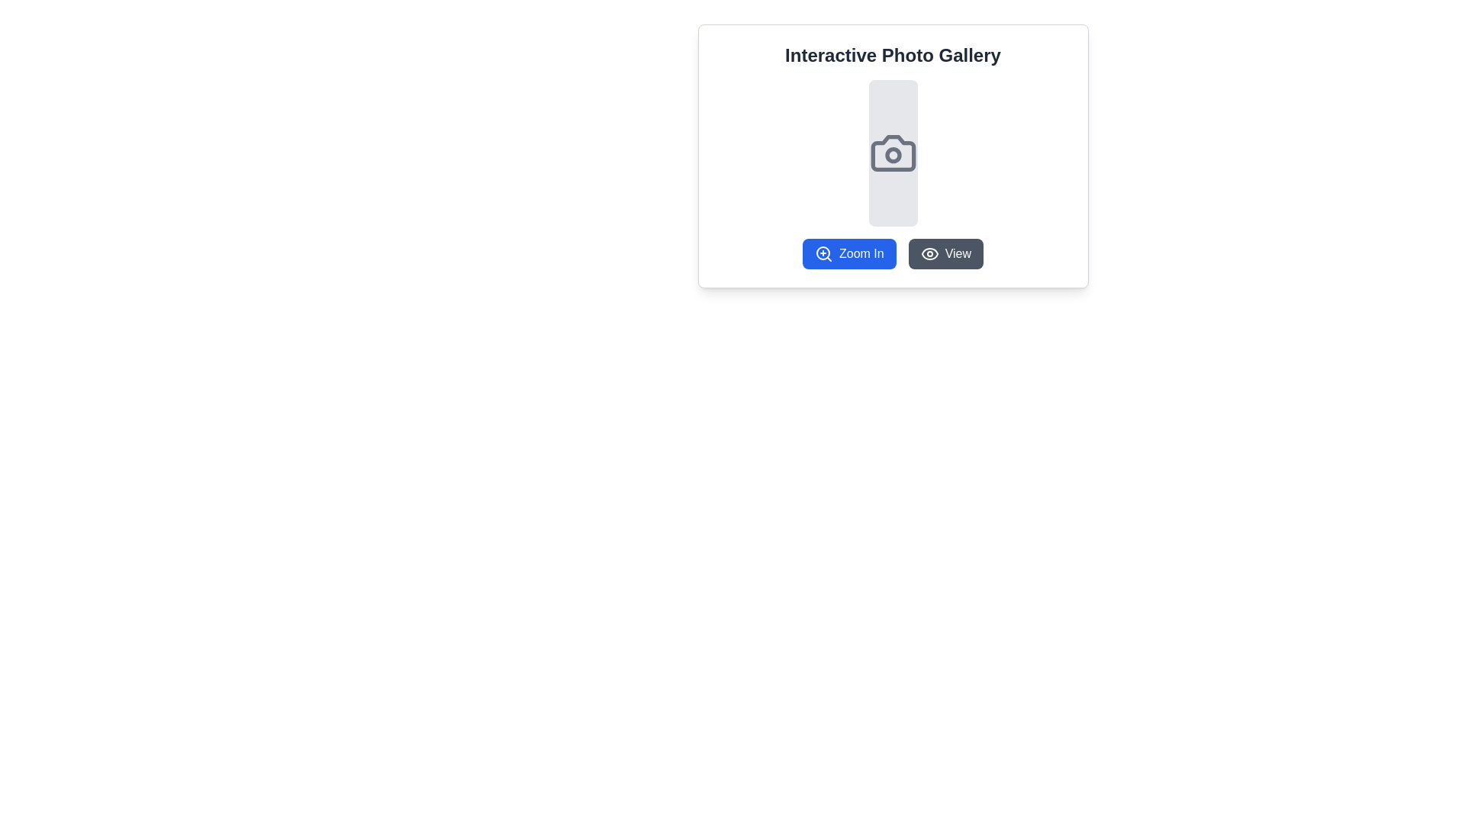  Describe the element at coordinates (945, 253) in the screenshot. I see `the 'View' button, which has a dark gray background, rounded edges, white text, and an eye icon, located near the center bottom of the interface` at that location.